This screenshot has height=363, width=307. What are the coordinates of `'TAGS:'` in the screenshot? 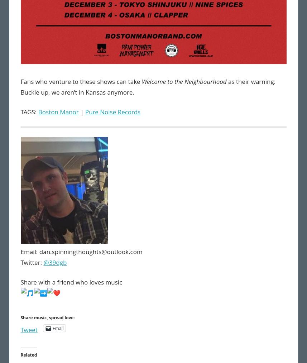 It's located at (29, 111).